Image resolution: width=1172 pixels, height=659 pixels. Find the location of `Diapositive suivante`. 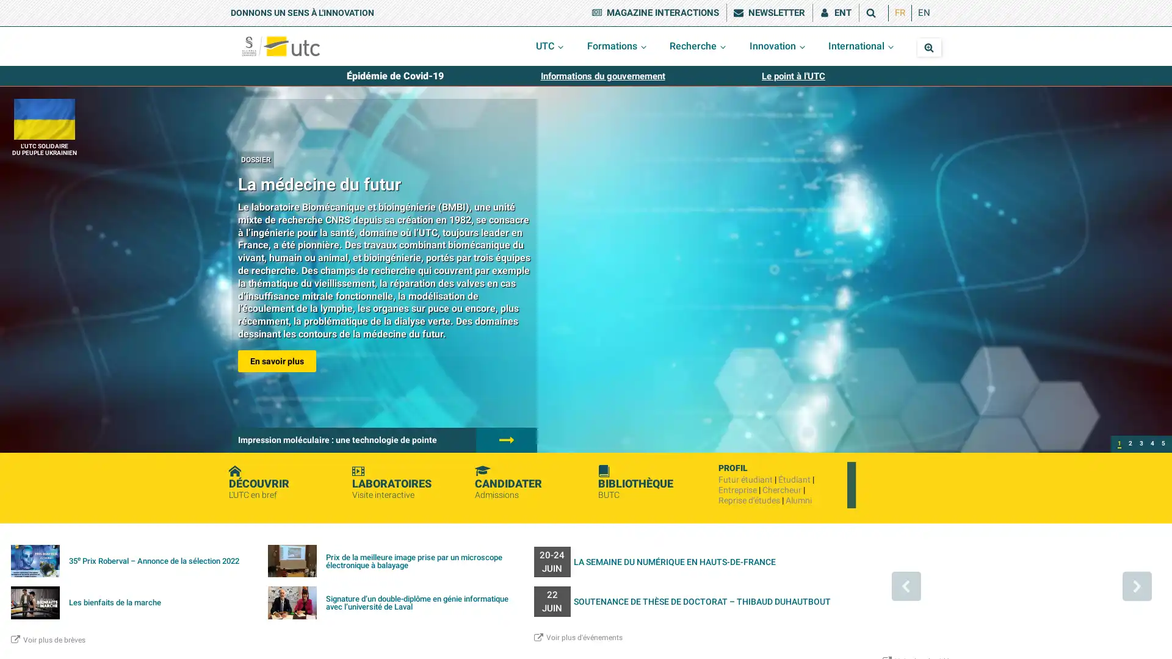

Diapositive suivante is located at coordinates (1136, 585).